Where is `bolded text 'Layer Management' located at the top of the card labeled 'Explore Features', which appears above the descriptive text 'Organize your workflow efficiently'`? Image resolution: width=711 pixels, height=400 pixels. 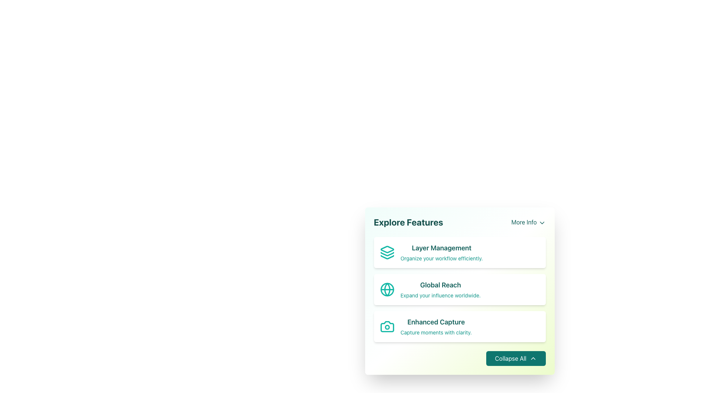 bolded text 'Layer Management' located at the top of the card labeled 'Explore Features', which appears above the descriptive text 'Organize your workflow efficiently' is located at coordinates (441, 248).